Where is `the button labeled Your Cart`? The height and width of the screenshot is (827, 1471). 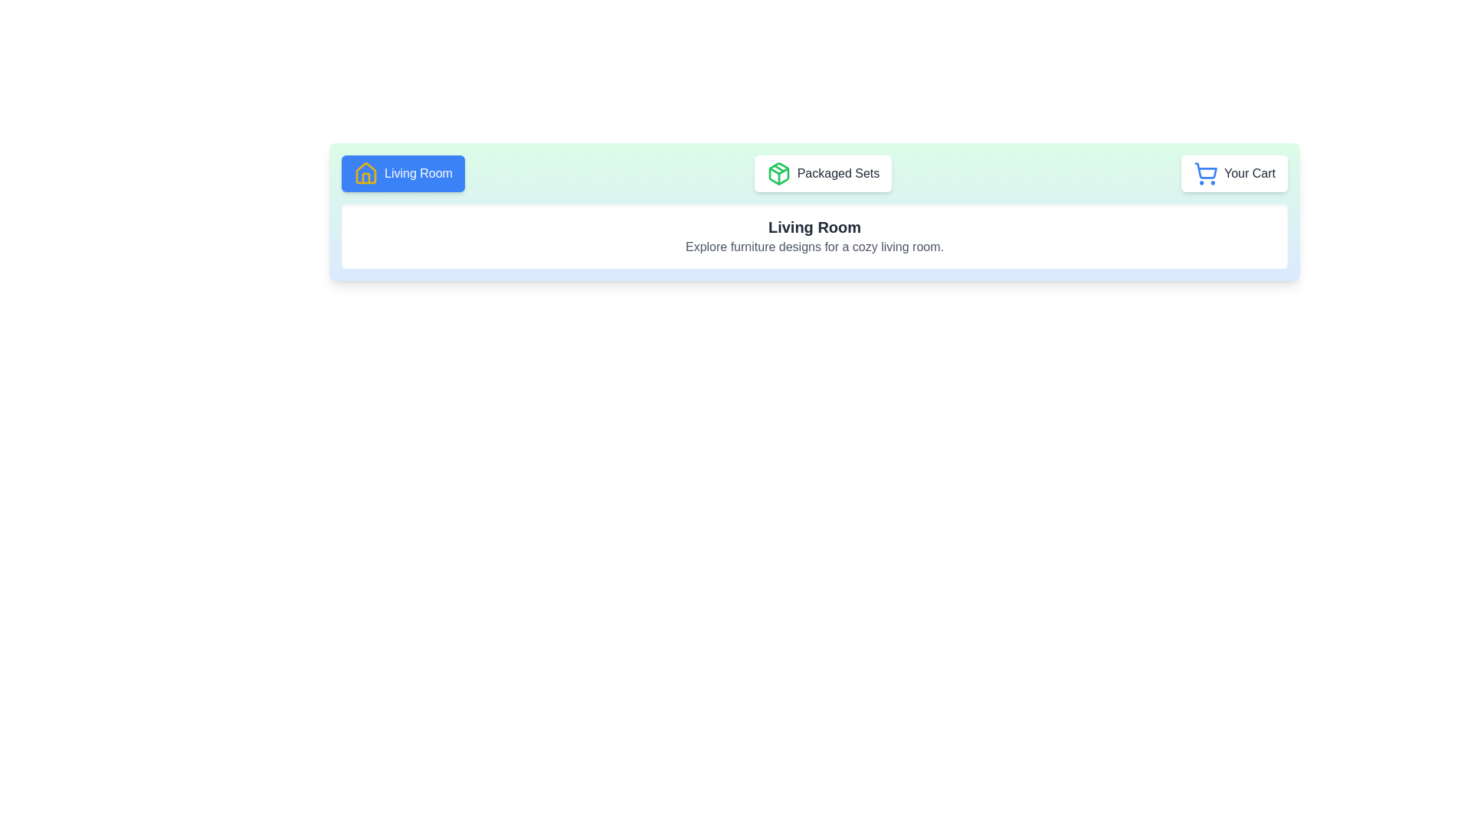 the button labeled Your Cart is located at coordinates (1234, 173).